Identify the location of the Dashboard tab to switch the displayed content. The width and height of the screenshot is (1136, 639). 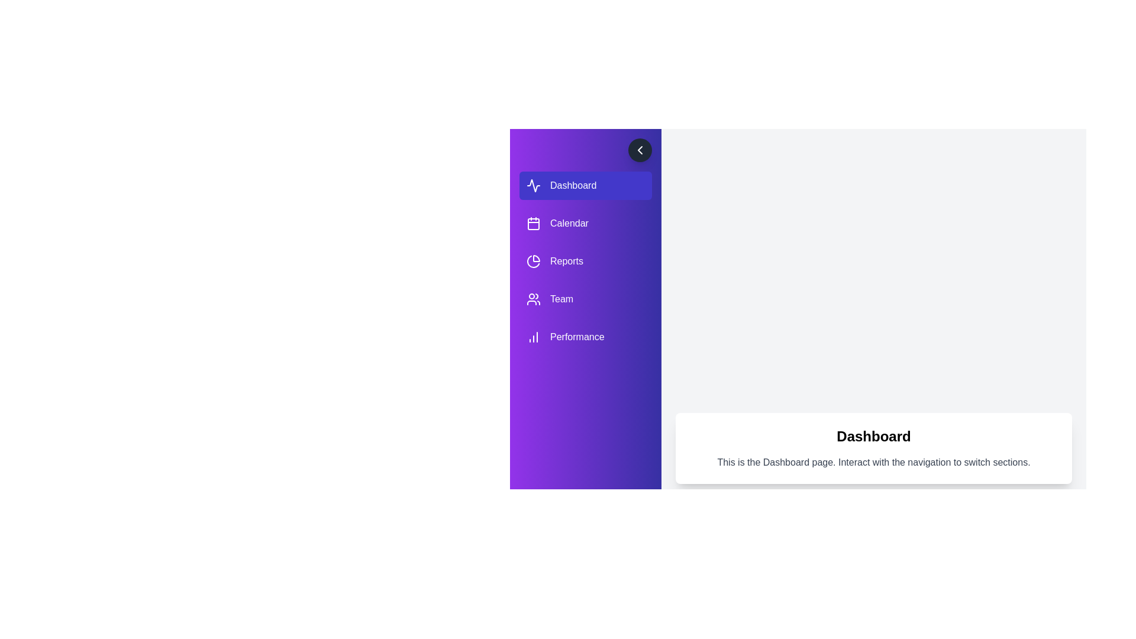
(585, 185).